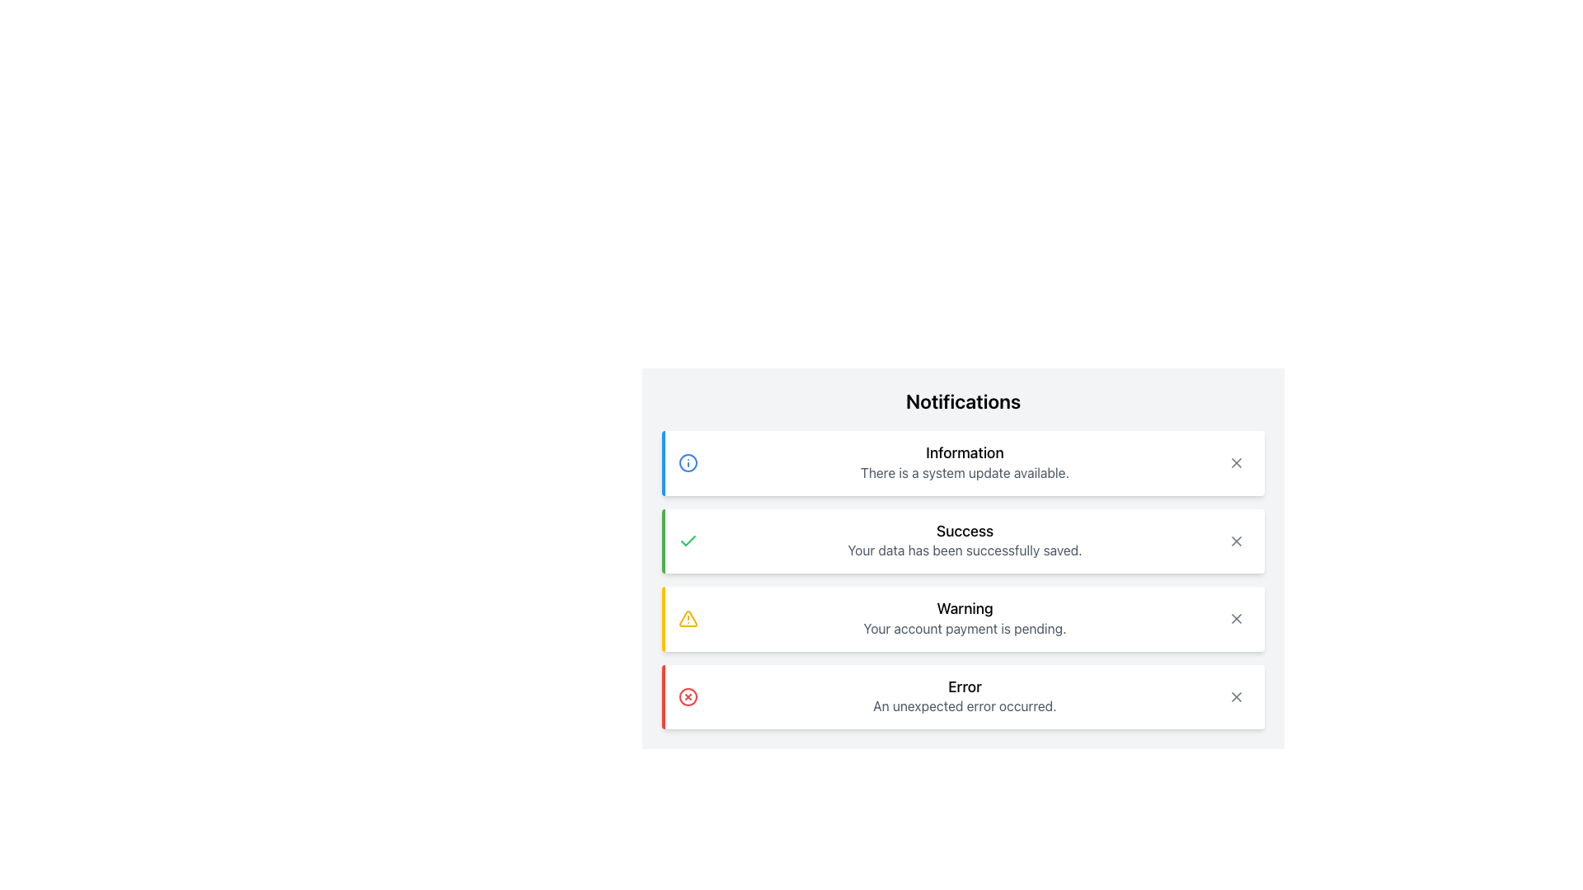 The height and width of the screenshot is (890, 1583). Describe the element at coordinates (688, 540) in the screenshot. I see `the success notification icon, which is marked by a green vertical bar on the left and is the second element from the top in the list of notifications` at that location.